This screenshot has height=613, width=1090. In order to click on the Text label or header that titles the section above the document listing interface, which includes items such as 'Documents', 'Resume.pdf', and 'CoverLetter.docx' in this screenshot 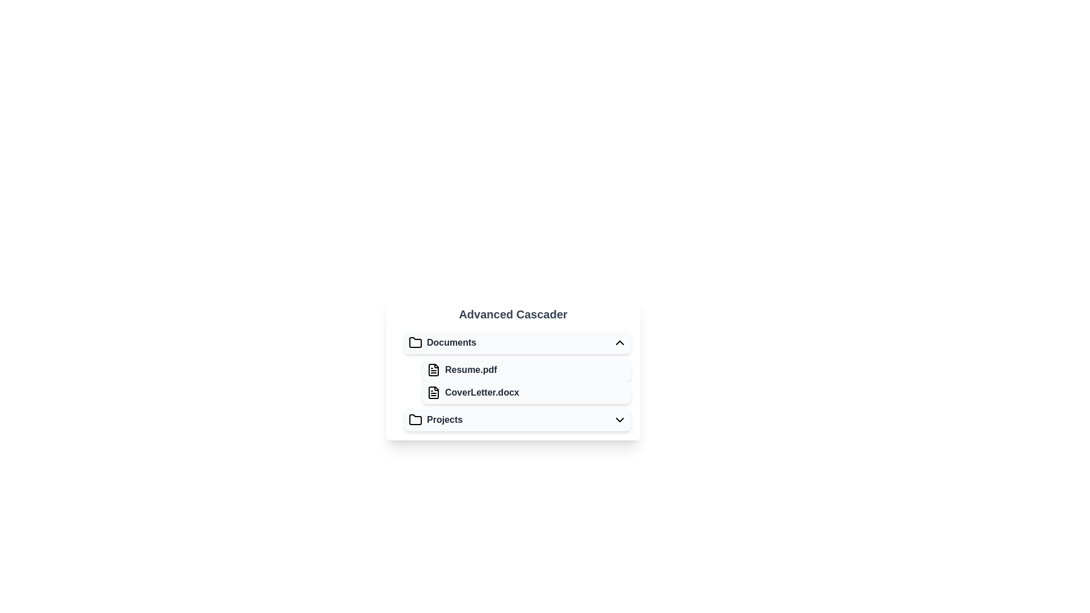, I will do `click(512, 314)`.